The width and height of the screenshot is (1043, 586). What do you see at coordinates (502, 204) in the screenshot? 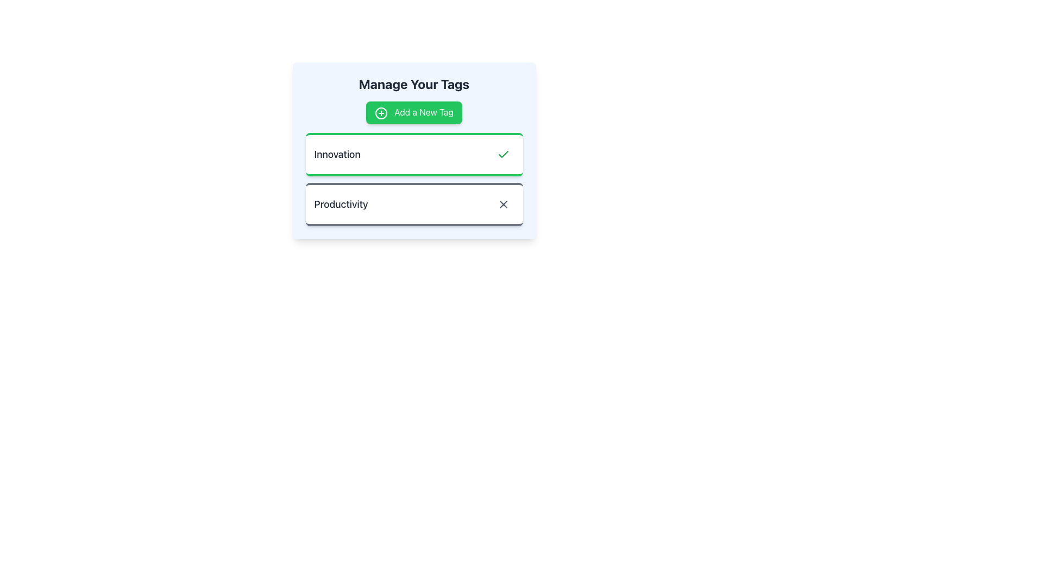
I see `the red 'X' icon button used` at bounding box center [502, 204].